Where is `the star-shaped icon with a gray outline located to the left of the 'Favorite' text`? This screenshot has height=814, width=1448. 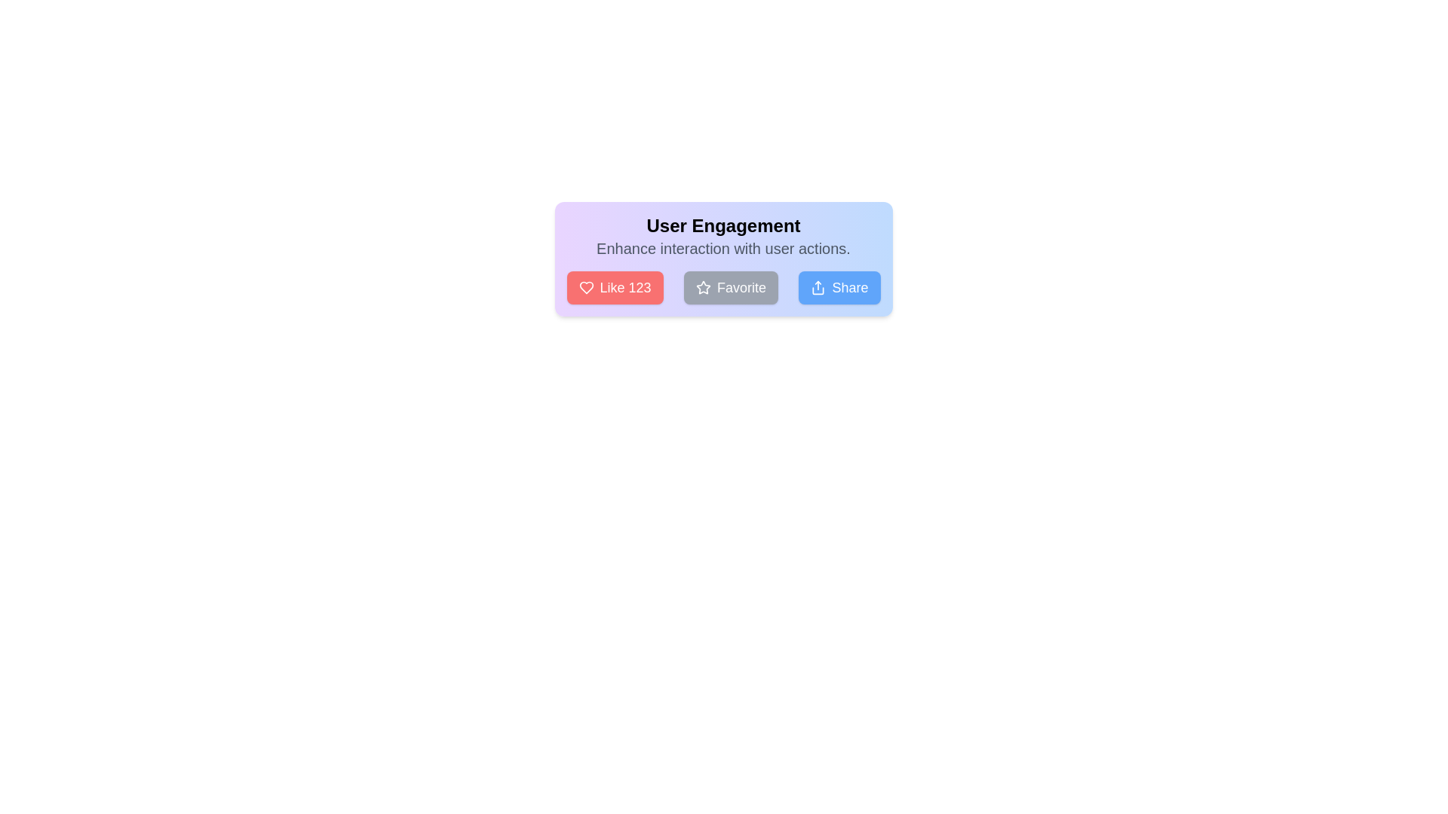 the star-shaped icon with a gray outline located to the left of the 'Favorite' text is located at coordinates (702, 287).